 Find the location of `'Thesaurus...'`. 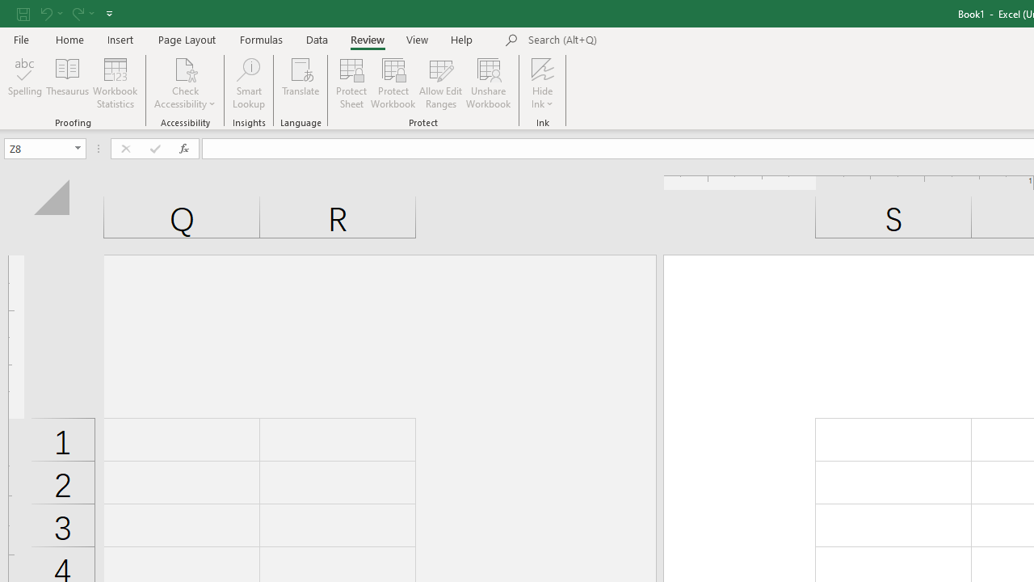

'Thesaurus...' is located at coordinates (66, 83).